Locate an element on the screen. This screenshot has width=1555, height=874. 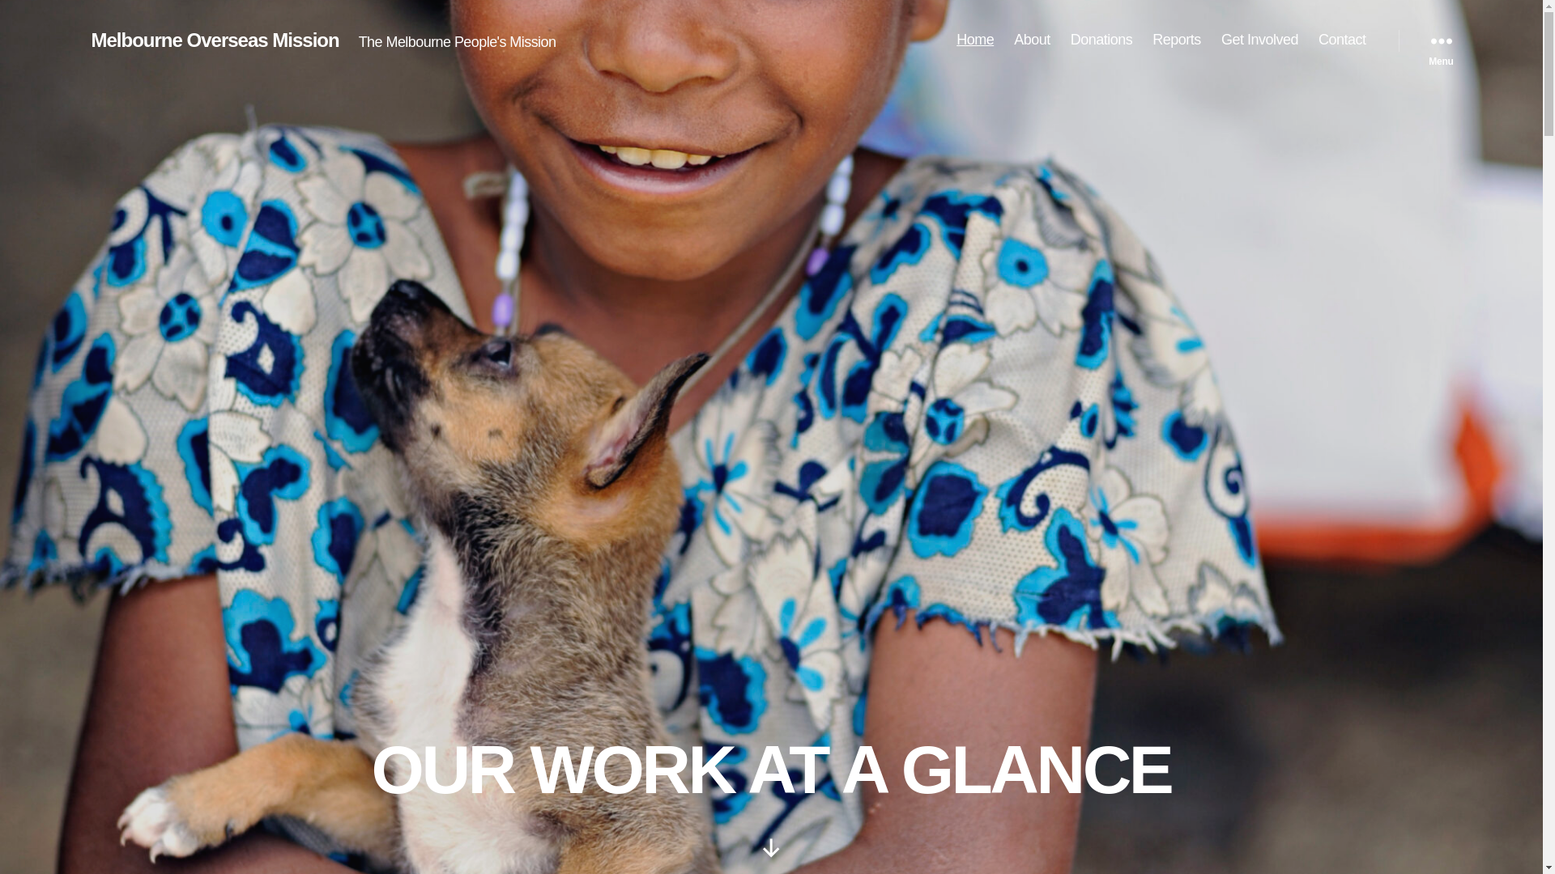
'Menu' is located at coordinates (1441, 40).